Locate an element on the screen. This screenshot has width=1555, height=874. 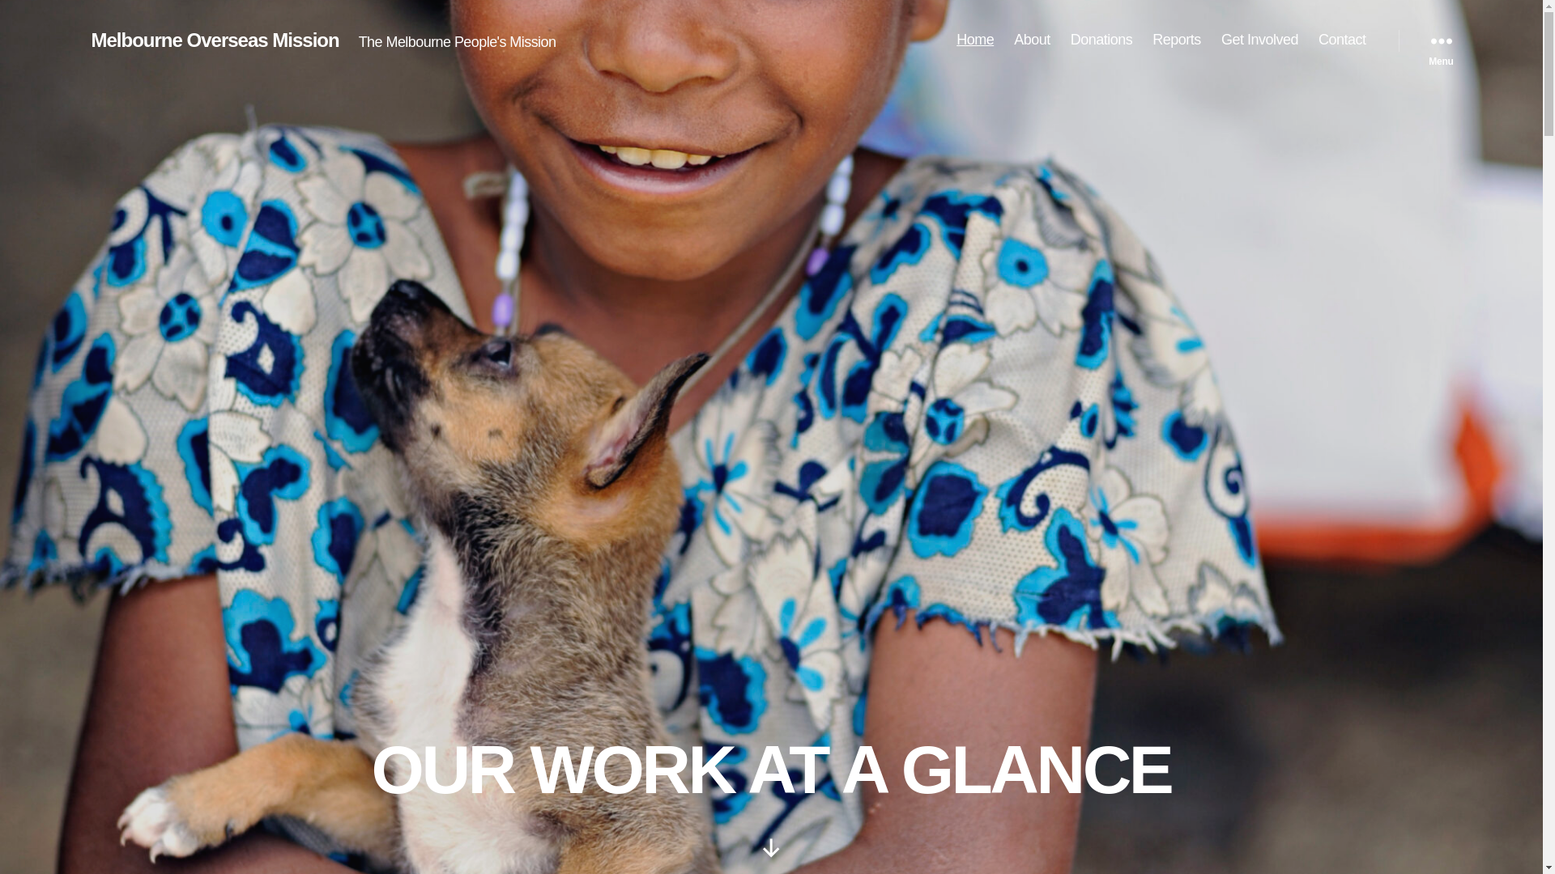
'Menu' is located at coordinates (1441, 40).